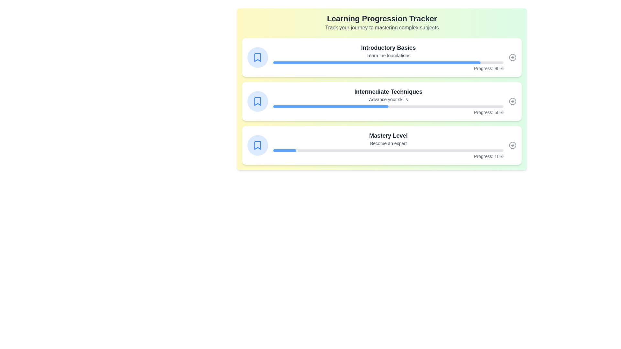 The height and width of the screenshot is (349, 621). Describe the element at coordinates (257, 101) in the screenshot. I see `the circular badge icon button with a light blue background and a bookmark icon, located in the second row of the 'Intermediate Techniques' card` at that location.